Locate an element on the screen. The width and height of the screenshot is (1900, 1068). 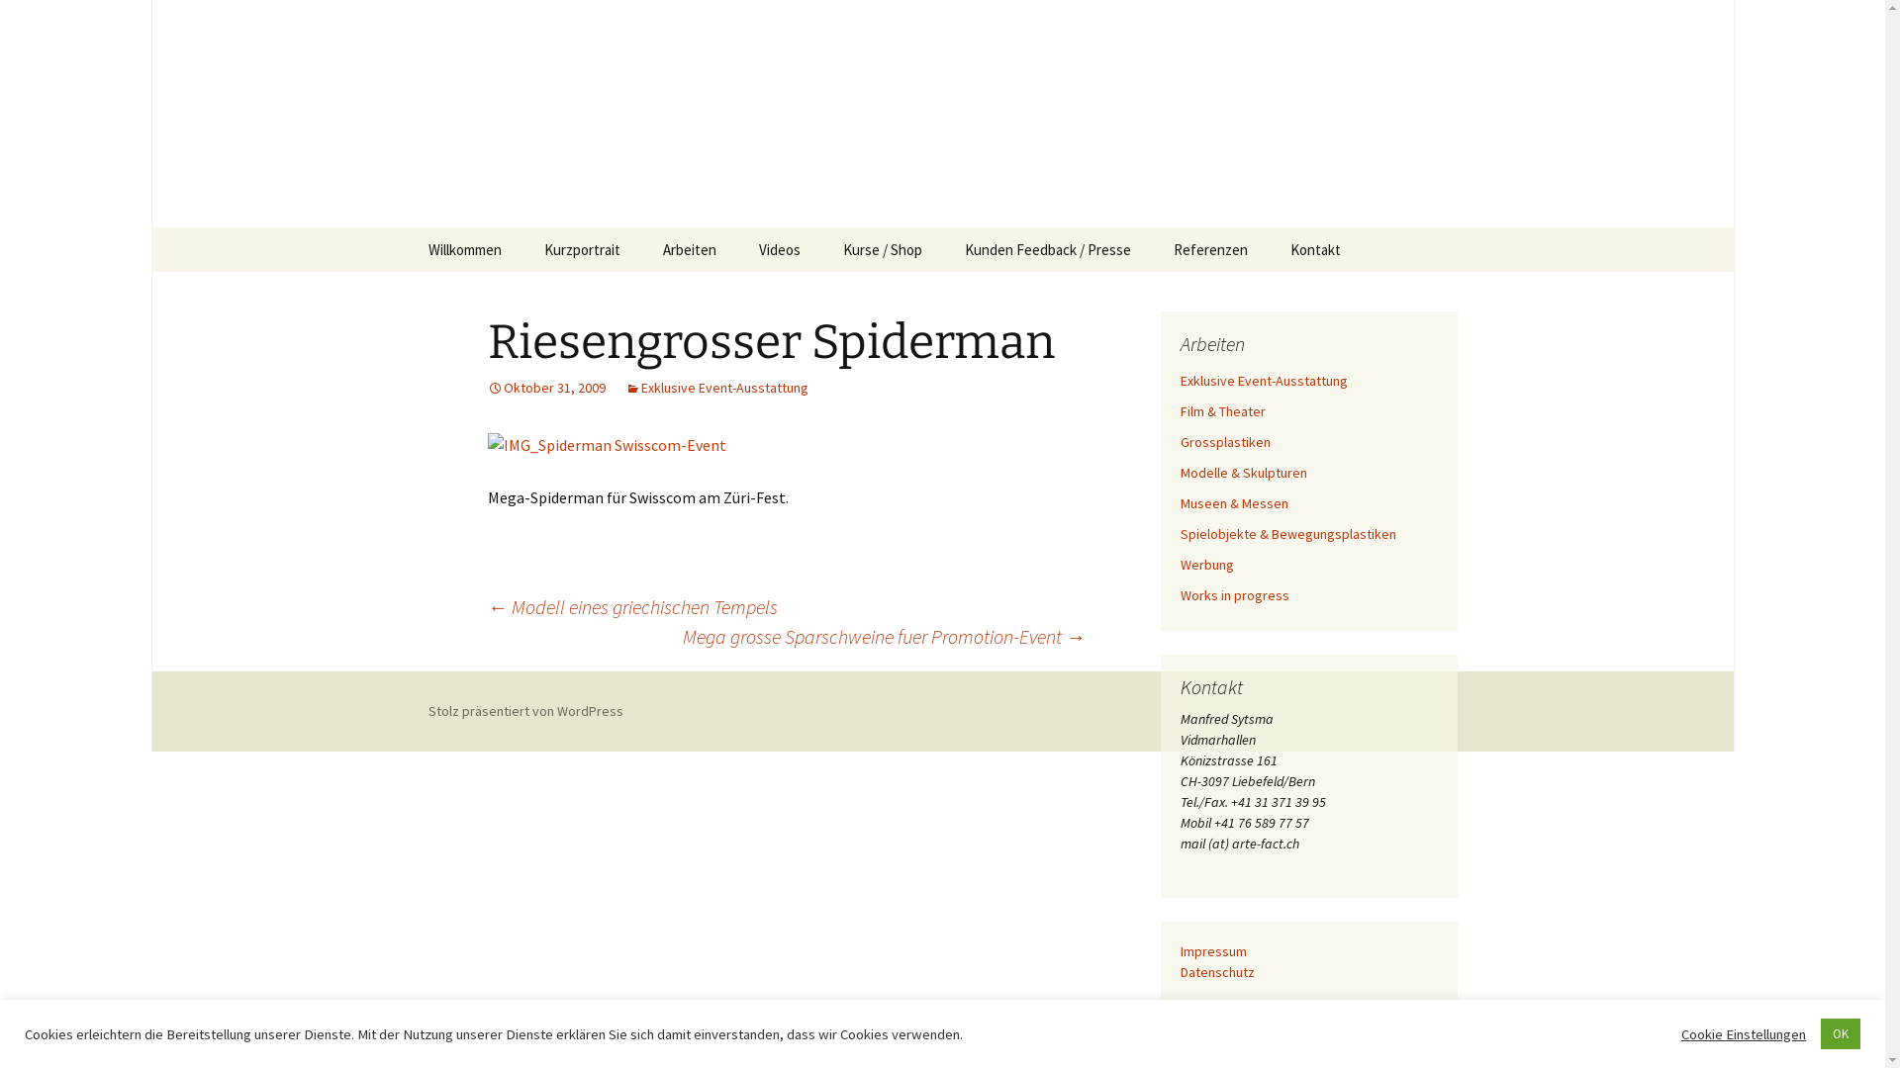
'Suche' is located at coordinates (24, 22).